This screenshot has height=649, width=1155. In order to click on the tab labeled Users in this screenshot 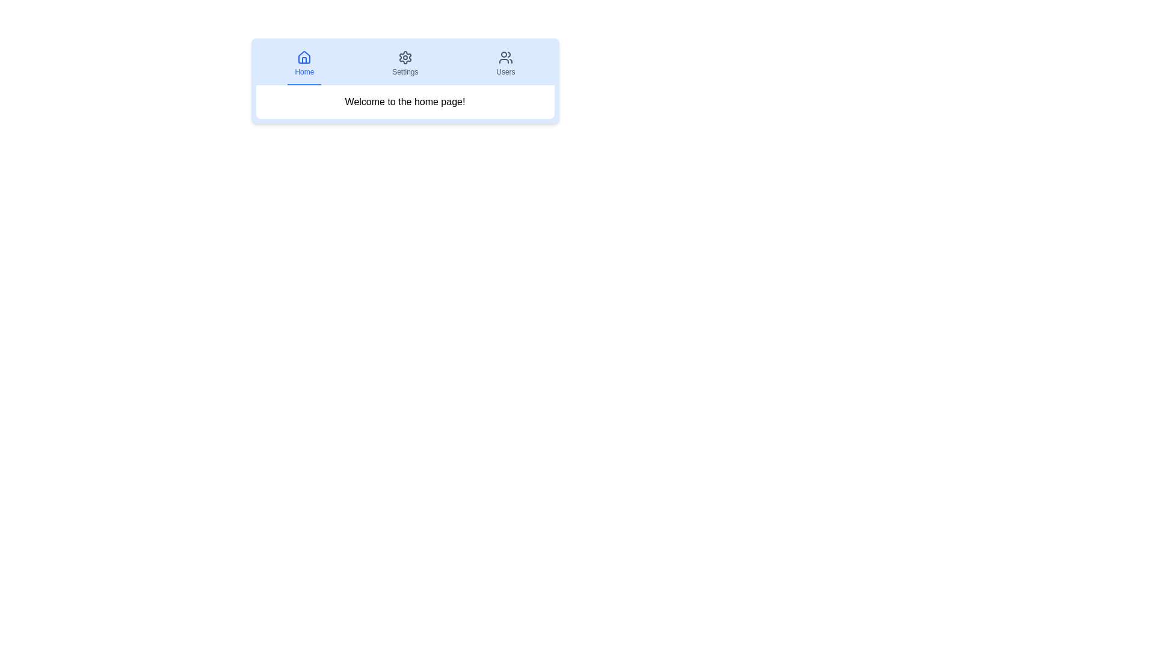, I will do `click(505, 64)`.